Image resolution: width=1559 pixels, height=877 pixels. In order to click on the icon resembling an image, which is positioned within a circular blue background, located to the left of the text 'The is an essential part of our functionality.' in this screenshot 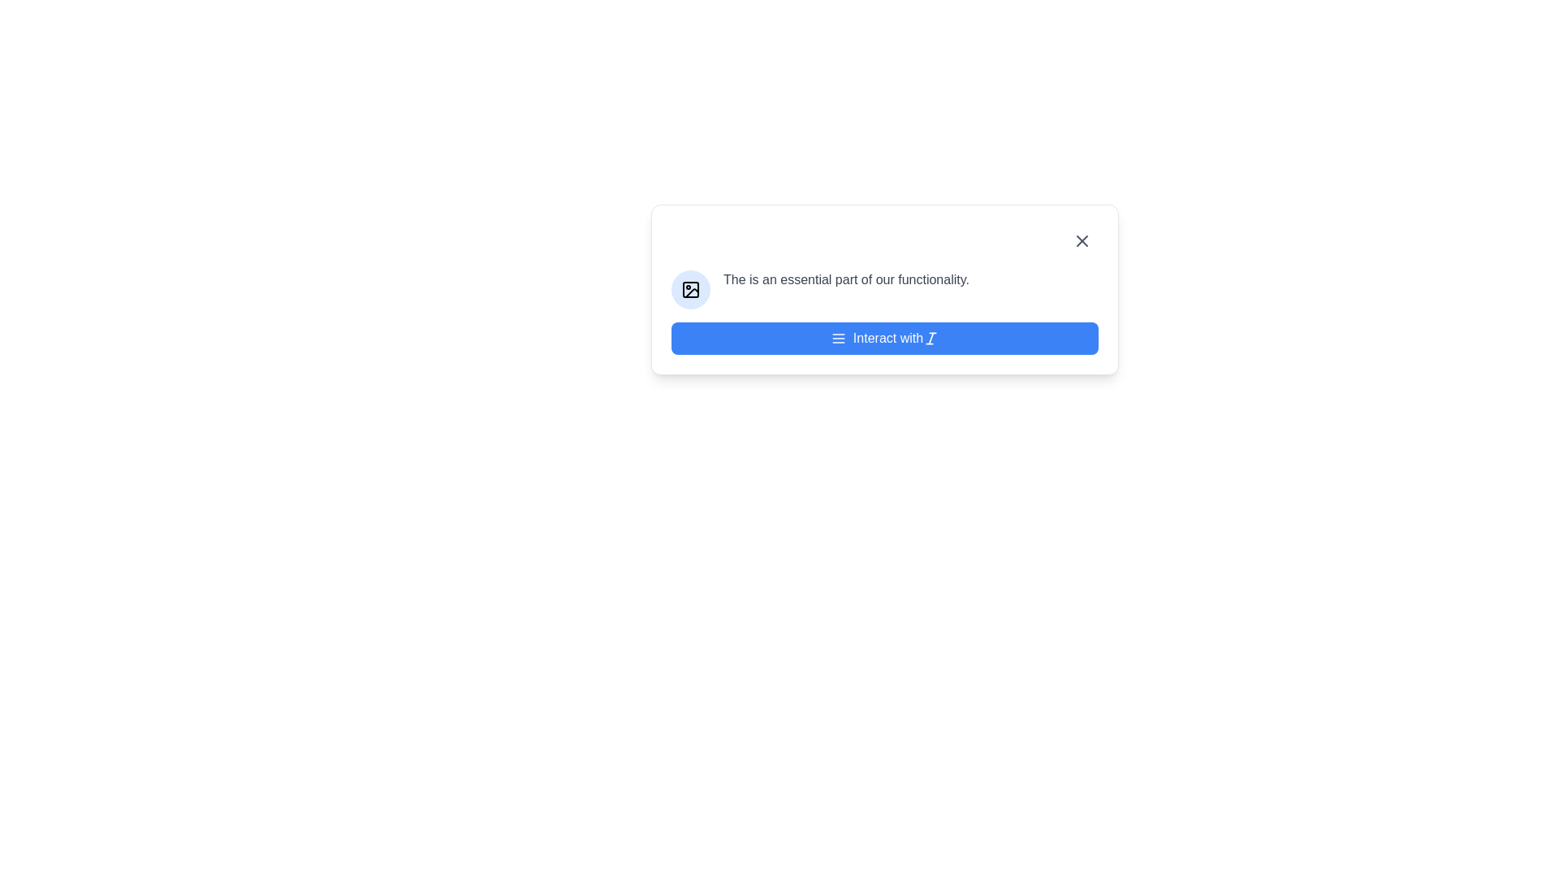, I will do `click(690, 289)`.